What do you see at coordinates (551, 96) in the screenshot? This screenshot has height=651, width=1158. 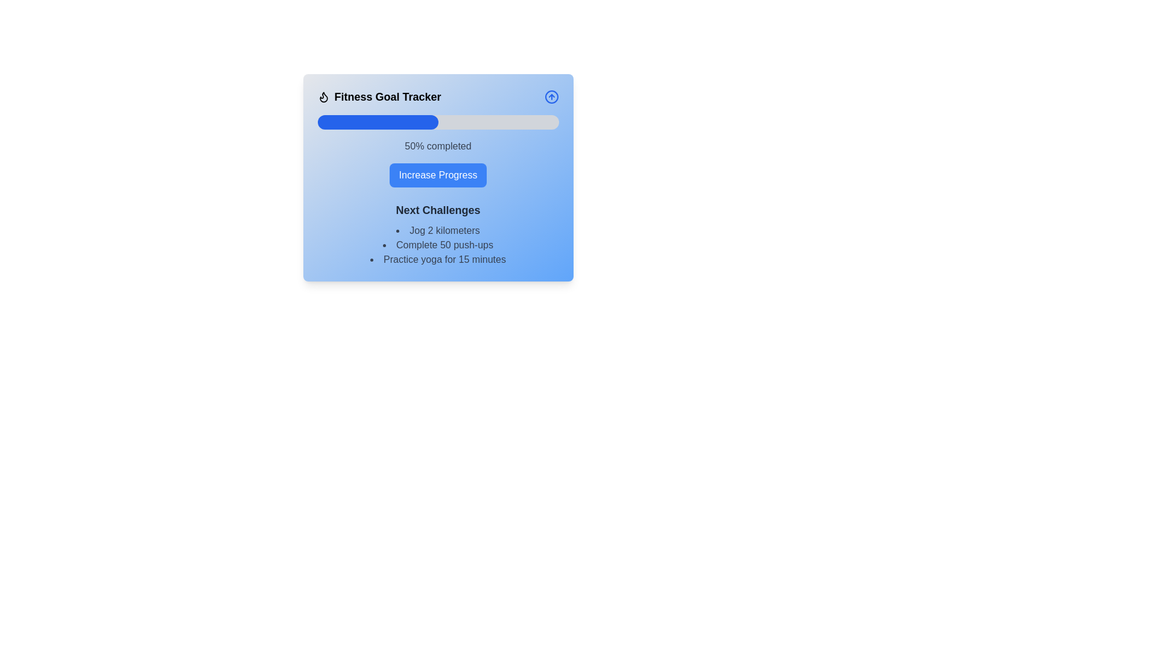 I see `the icon located in the top-right corner of the 'Fitness Goal Tracker' section` at bounding box center [551, 96].